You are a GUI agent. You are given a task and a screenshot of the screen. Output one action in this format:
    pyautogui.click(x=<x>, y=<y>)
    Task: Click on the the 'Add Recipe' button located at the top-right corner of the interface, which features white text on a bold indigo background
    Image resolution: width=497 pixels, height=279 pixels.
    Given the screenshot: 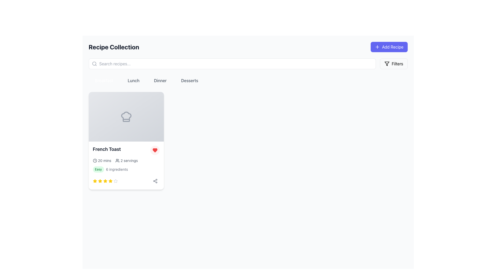 What is the action you would take?
    pyautogui.click(x=393, y=47)
    